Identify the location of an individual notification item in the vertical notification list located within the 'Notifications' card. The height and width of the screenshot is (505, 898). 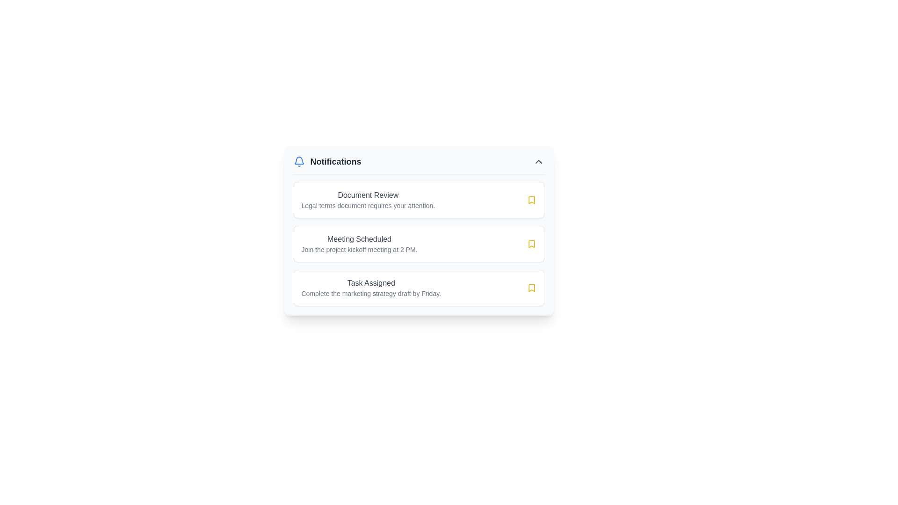
(418, 243).